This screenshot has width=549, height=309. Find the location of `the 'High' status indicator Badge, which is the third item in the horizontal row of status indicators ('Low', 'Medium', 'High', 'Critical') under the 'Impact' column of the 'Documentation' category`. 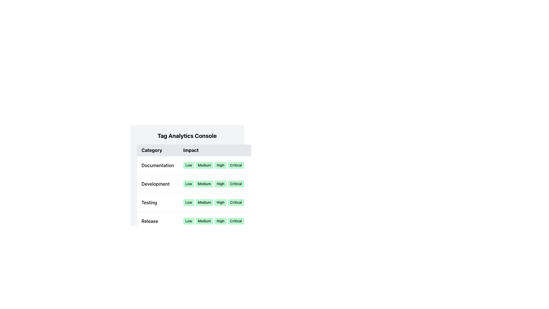

the 'High' status indicator Badge, which is the third item in the horizontal row of status indicators ('Low', 'Medium', 'High', 'Critical') under the 'Impact' column of the 'Documentation' category is located at coordinates (220, 165).